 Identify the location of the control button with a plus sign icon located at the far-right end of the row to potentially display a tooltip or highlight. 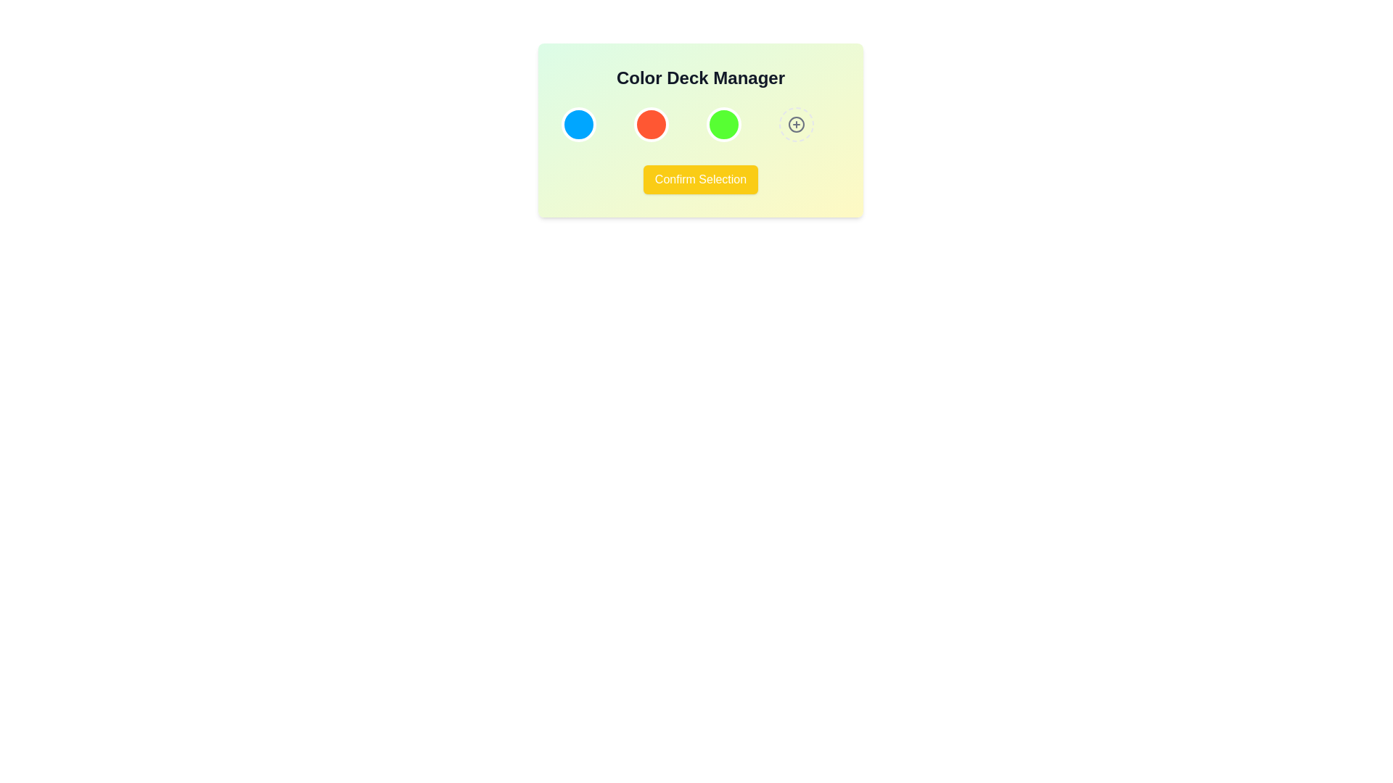
(796, 124).